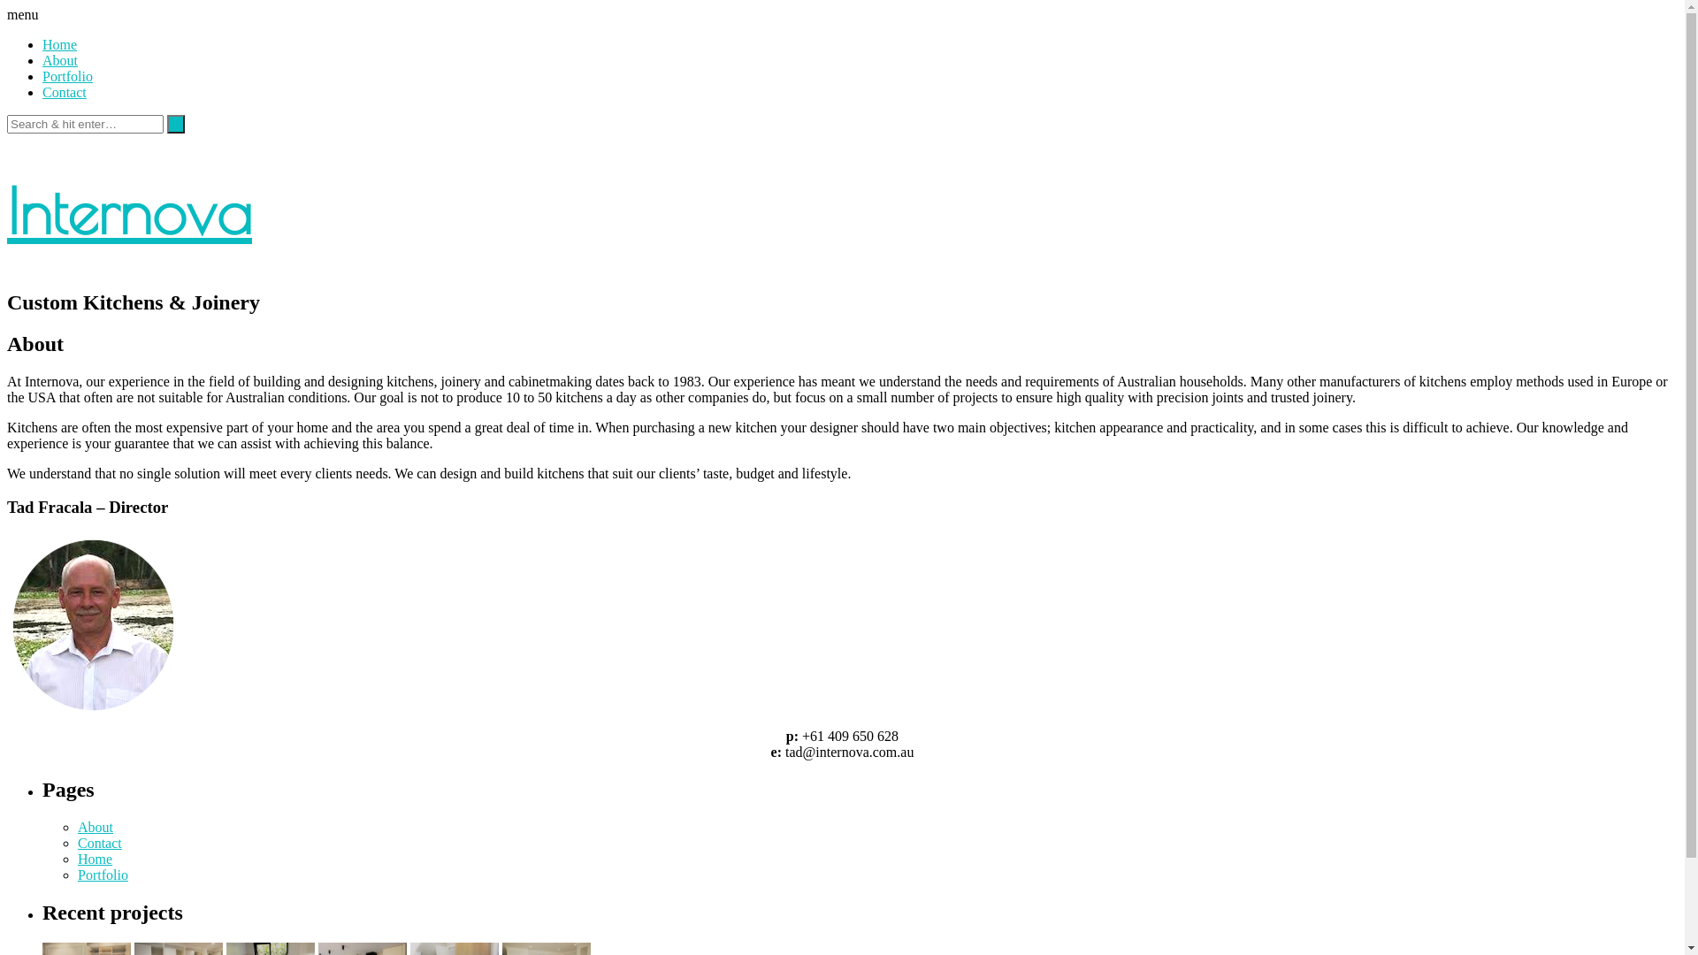 This screenshot has height=955, width=1698. I want to click on 'Internova', so click(7, 210).